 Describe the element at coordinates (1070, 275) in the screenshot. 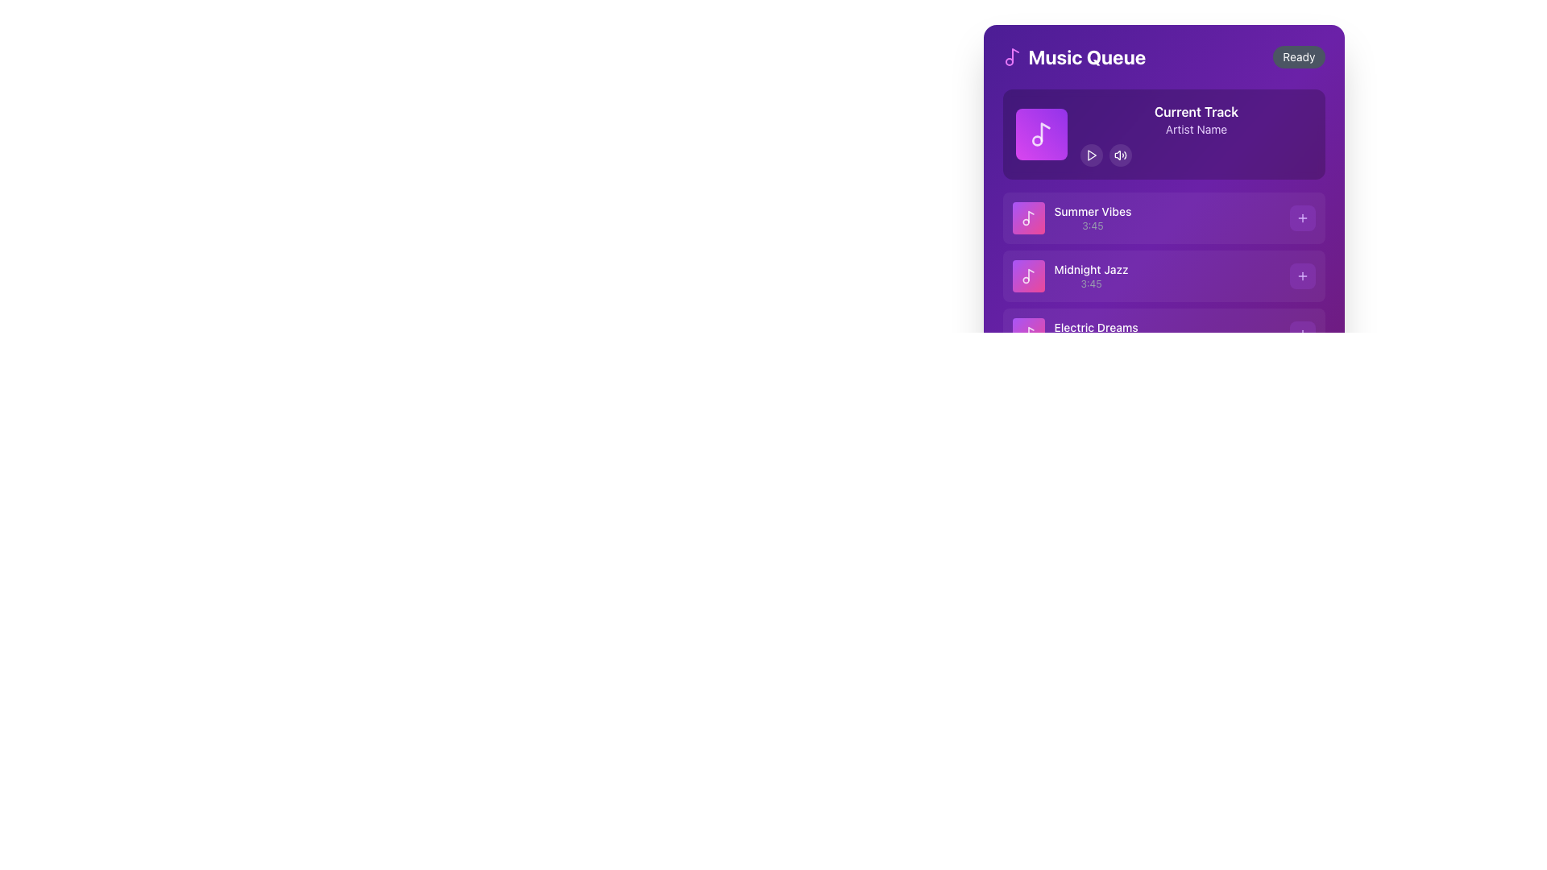

I see `the second item in the music playlist which represents a song entry` at that location.